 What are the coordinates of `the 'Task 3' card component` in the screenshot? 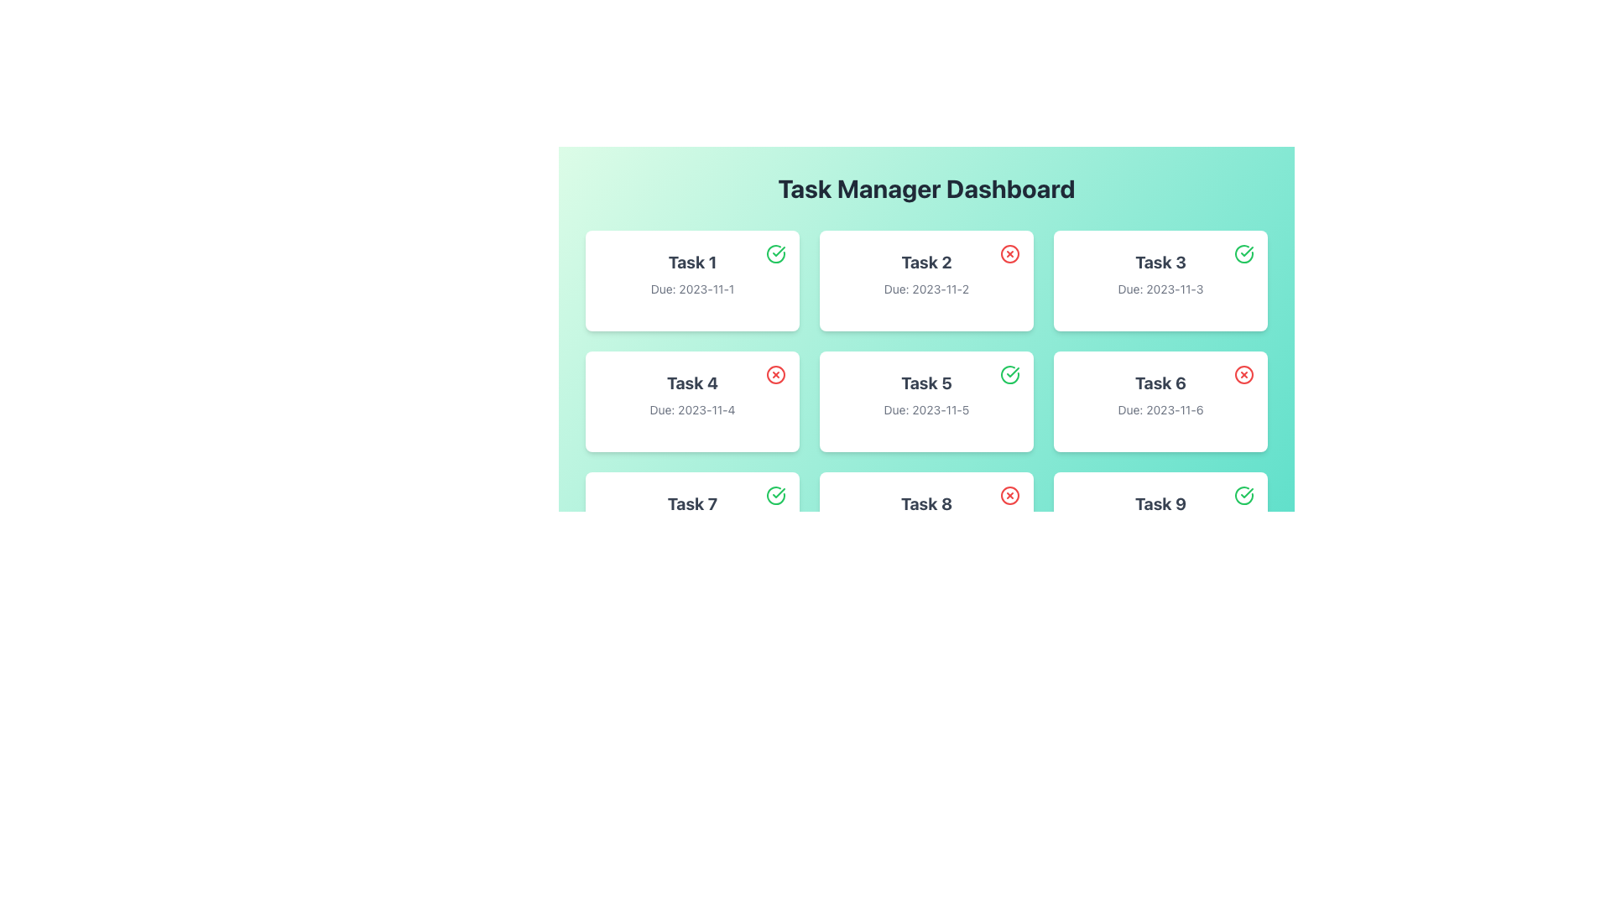 It's located at (1160, 280).